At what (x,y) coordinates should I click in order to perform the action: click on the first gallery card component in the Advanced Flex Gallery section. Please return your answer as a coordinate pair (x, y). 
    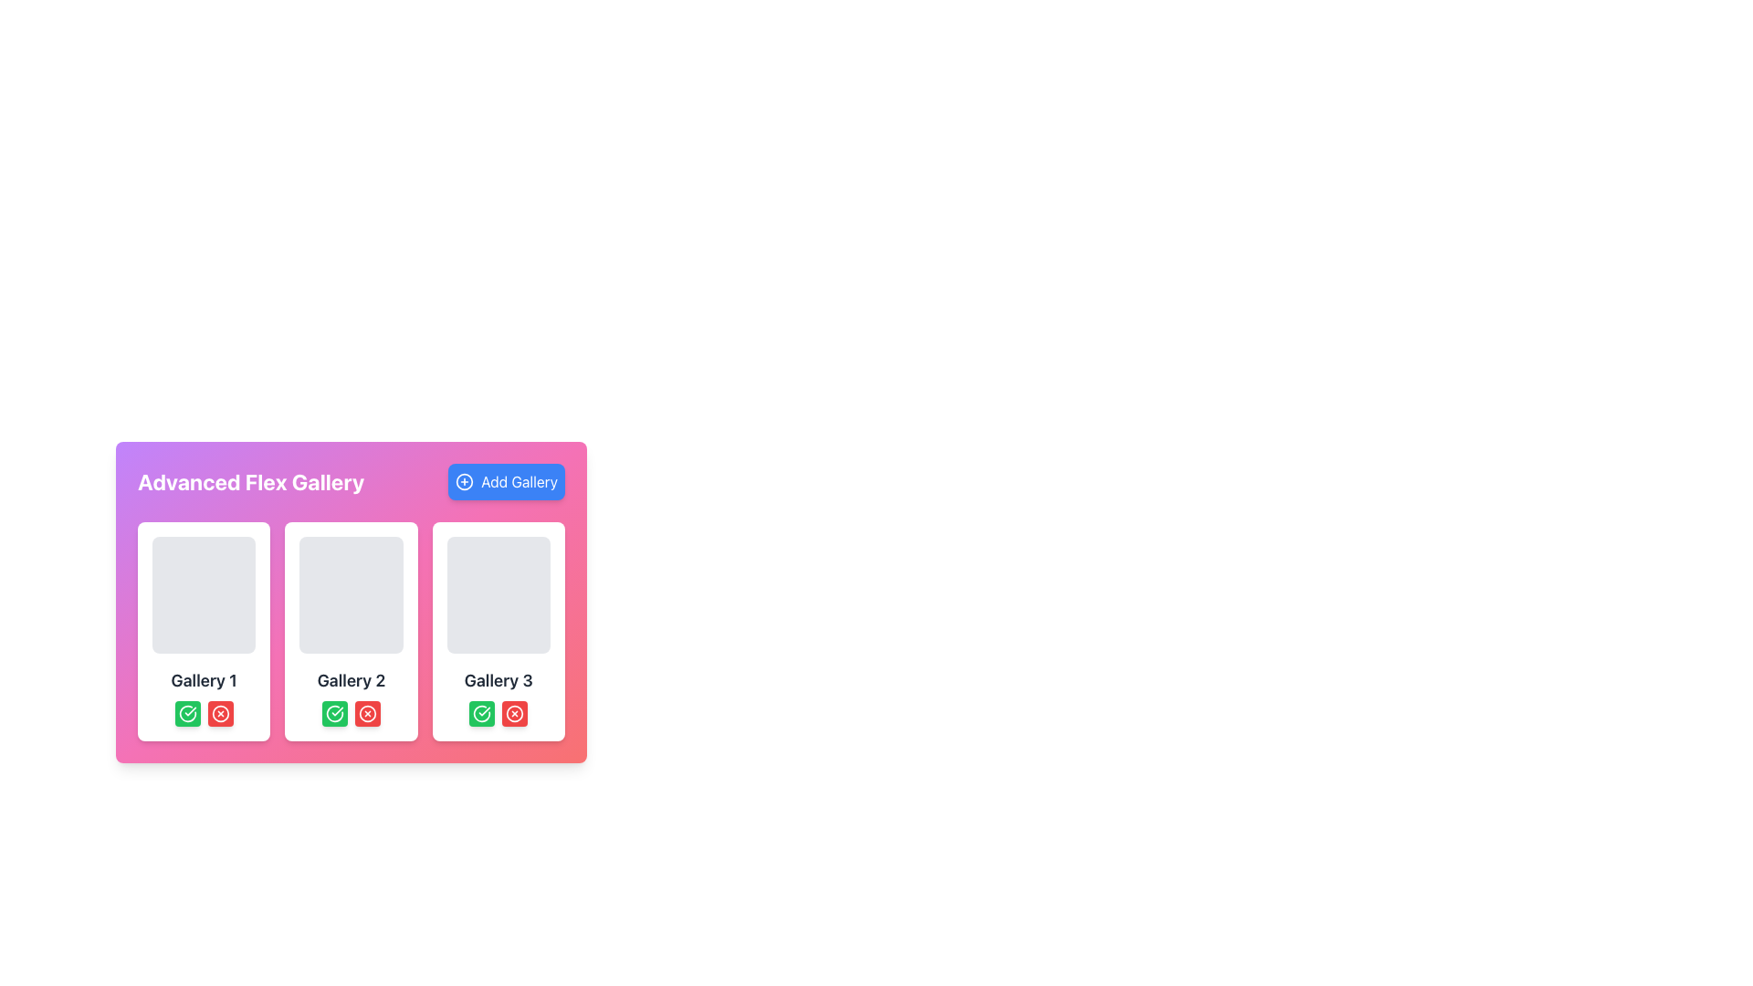
    Looking at the image, I should click on (204, 630).